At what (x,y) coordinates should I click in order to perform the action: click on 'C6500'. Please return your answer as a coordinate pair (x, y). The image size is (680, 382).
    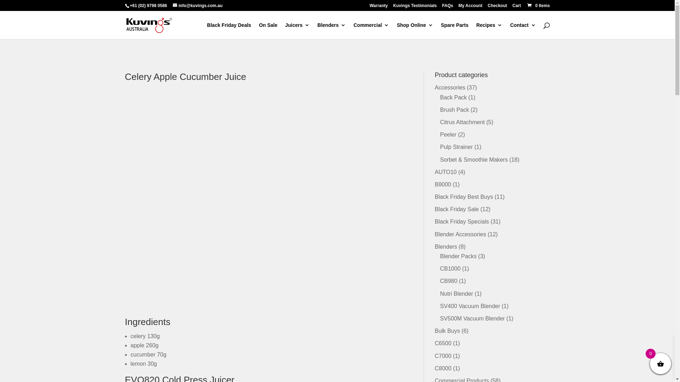
    Looking at the image, I should click on (434, 343).